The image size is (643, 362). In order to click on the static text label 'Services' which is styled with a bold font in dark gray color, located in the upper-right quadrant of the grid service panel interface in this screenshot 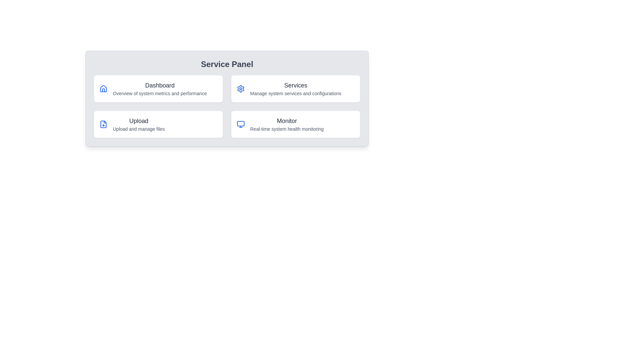, I will do `click(295, 85)`.